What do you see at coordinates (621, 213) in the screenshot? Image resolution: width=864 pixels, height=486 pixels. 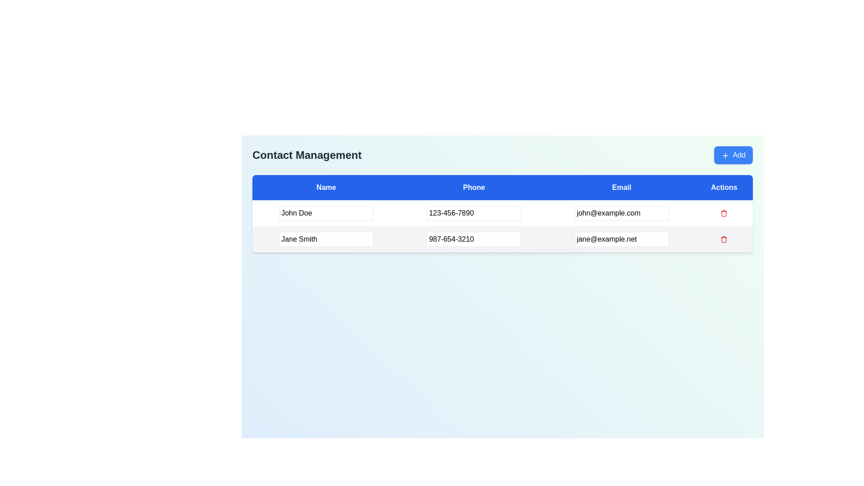 I see `the rounded rectangular Text Input Field labeled 'Email' for 'John Doe'` at bounding box center [621, 213].